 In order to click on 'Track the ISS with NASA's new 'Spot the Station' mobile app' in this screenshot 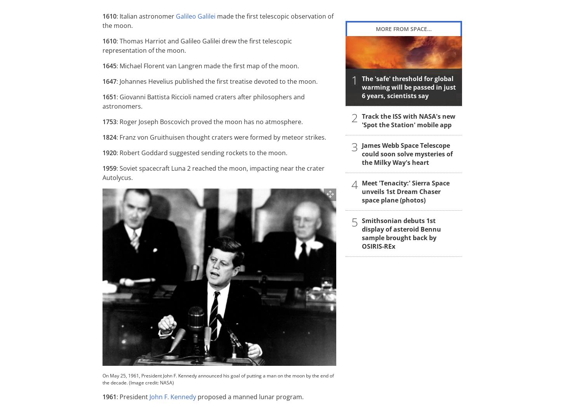, I will do `click(408, 119)`.